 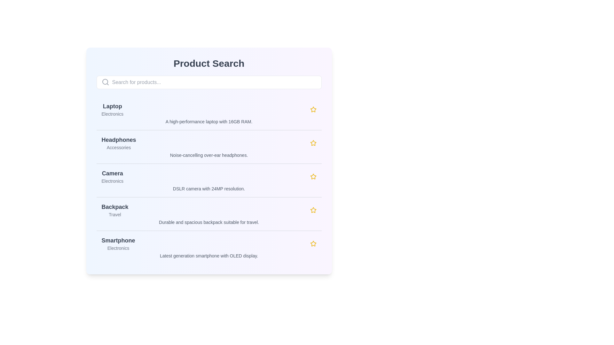 I want to click on the 'Electronics' text label, which is styled with a small gray font and positioned beneath the 'Laptop' text element as a sub-category label, so click(x=112, y=114).